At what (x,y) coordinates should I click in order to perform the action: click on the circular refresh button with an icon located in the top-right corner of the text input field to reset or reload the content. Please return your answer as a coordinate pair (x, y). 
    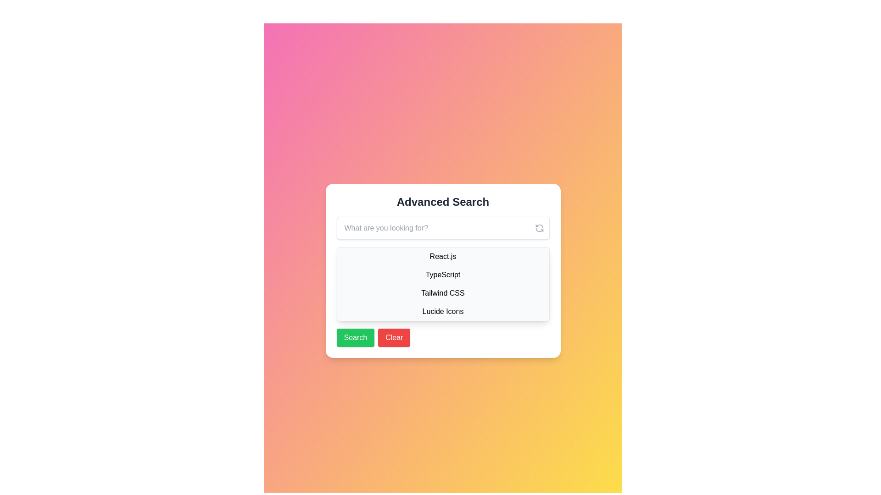
    Looking at the image, I should click on (539, 227).